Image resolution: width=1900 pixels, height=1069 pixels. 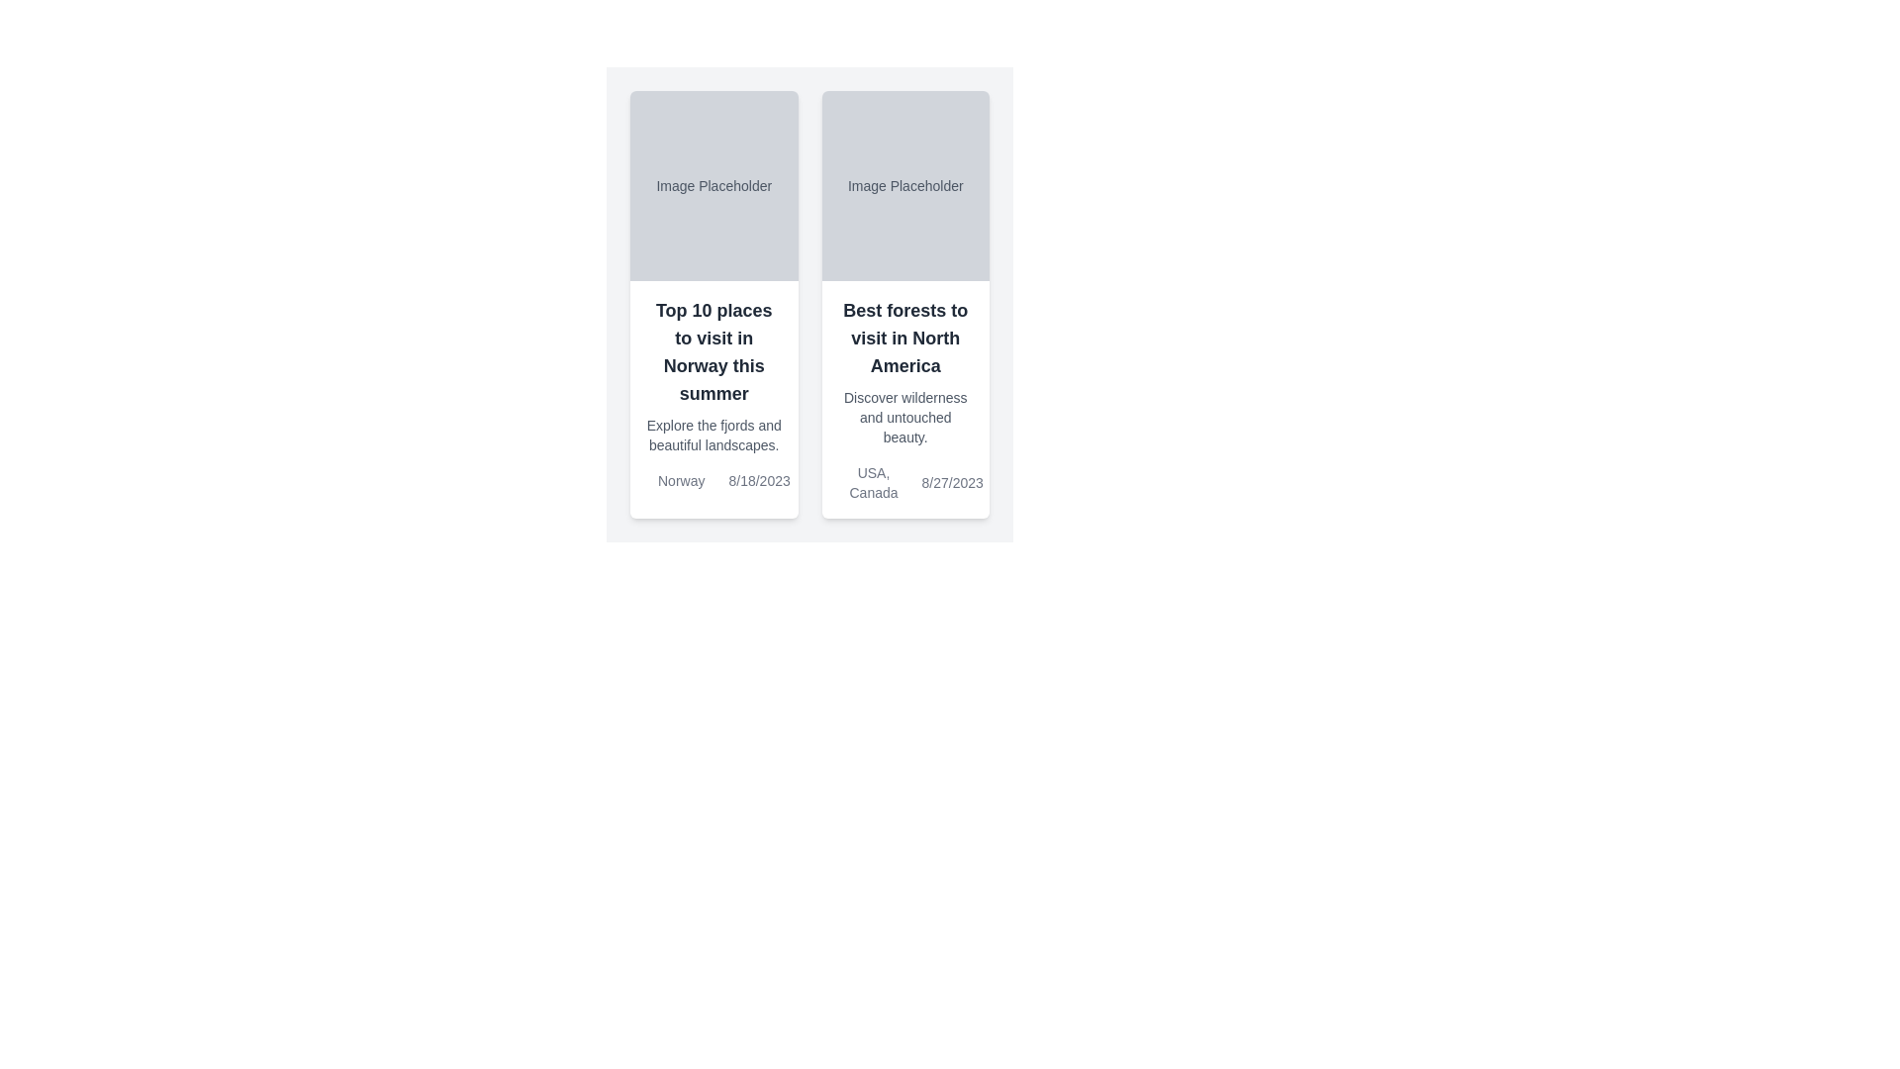 What do you see at coordinates (712, 481) in the screenshot?
I see `metadata information displayed in the text area located in the lower section of the left card titled 'Top 10 places to visit in Norway this summer'` at bounding box center [712, 481].